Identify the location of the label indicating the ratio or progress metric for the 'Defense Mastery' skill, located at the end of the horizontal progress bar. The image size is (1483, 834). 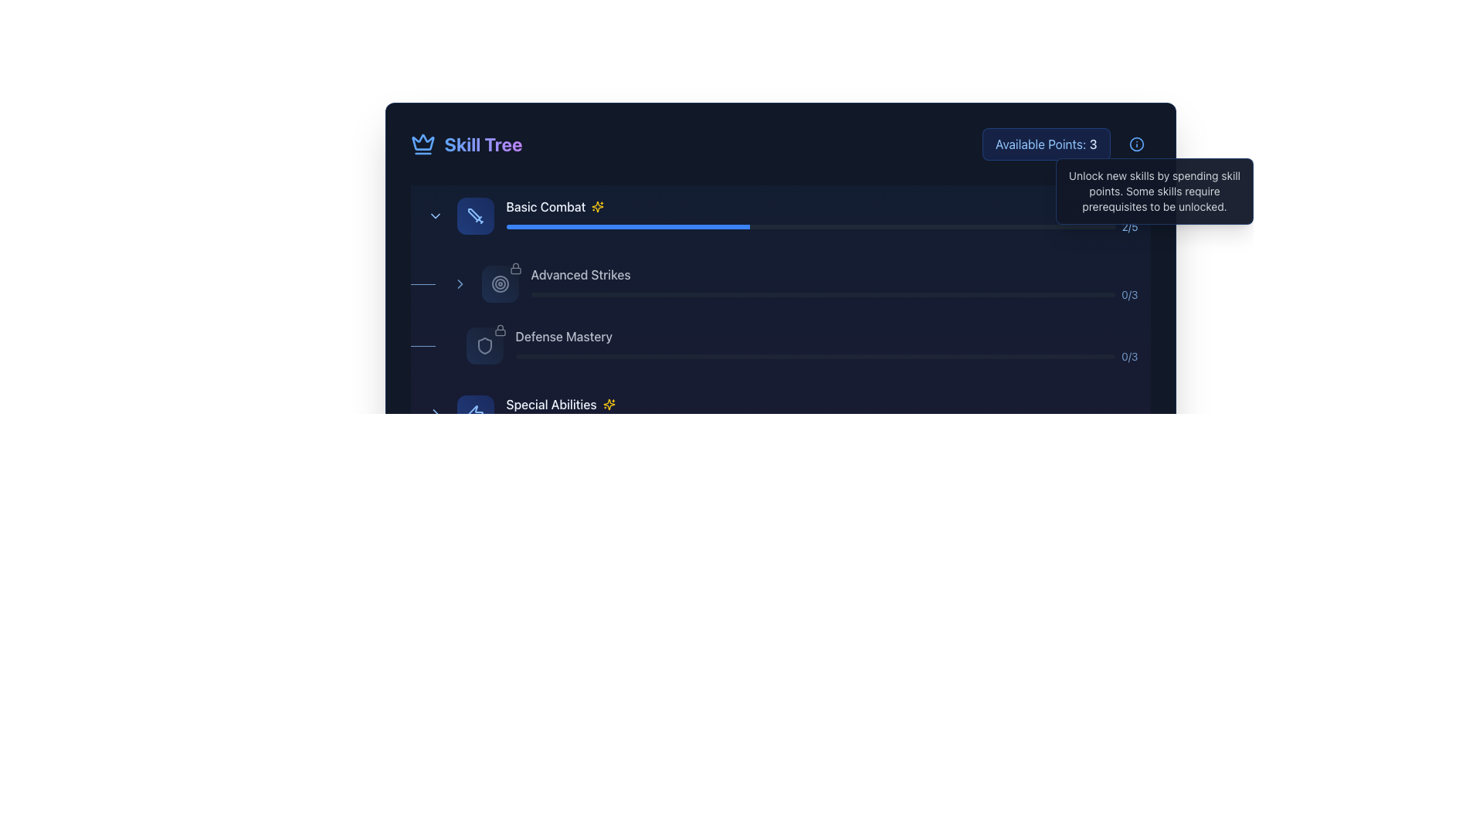
(1129, 294).